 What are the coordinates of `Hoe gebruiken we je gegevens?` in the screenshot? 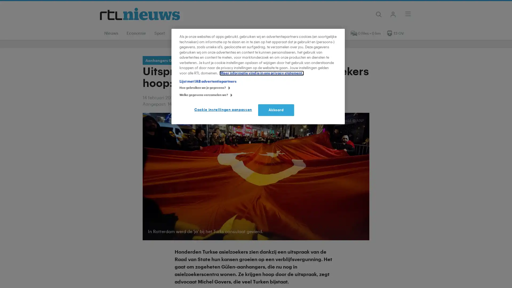 It's located at (181, 88).